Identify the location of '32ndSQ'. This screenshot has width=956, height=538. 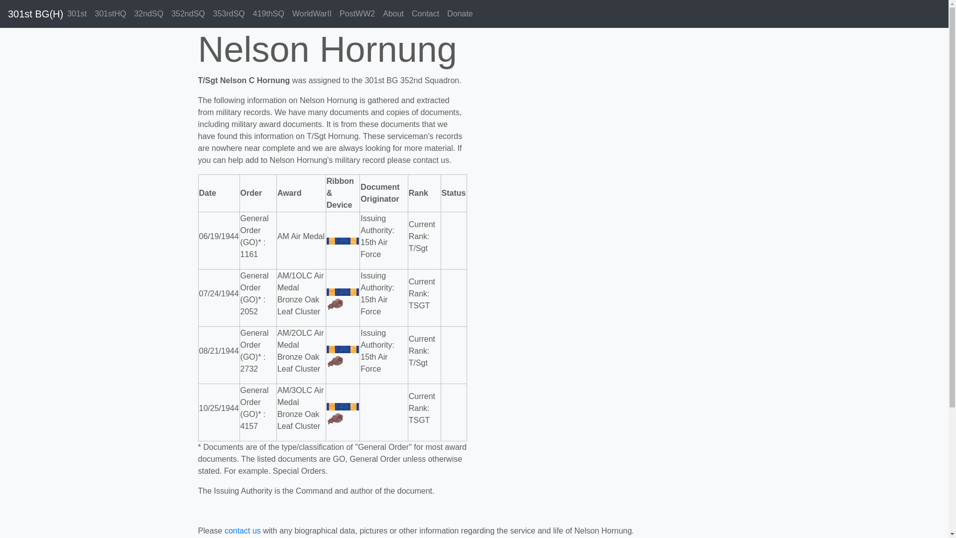
(148, 13).